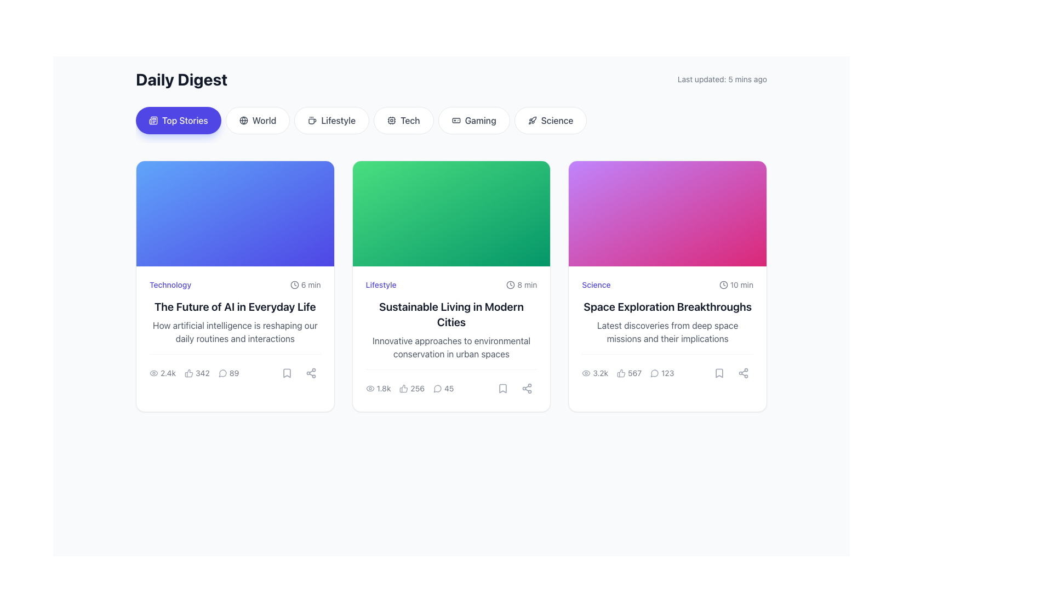  Describe the element at coordinates (741, 284) in the screenshot. I see `the static text label displaying the estimated reading or completion time located in the top right section of the third card under the category 'Science'` at that location.